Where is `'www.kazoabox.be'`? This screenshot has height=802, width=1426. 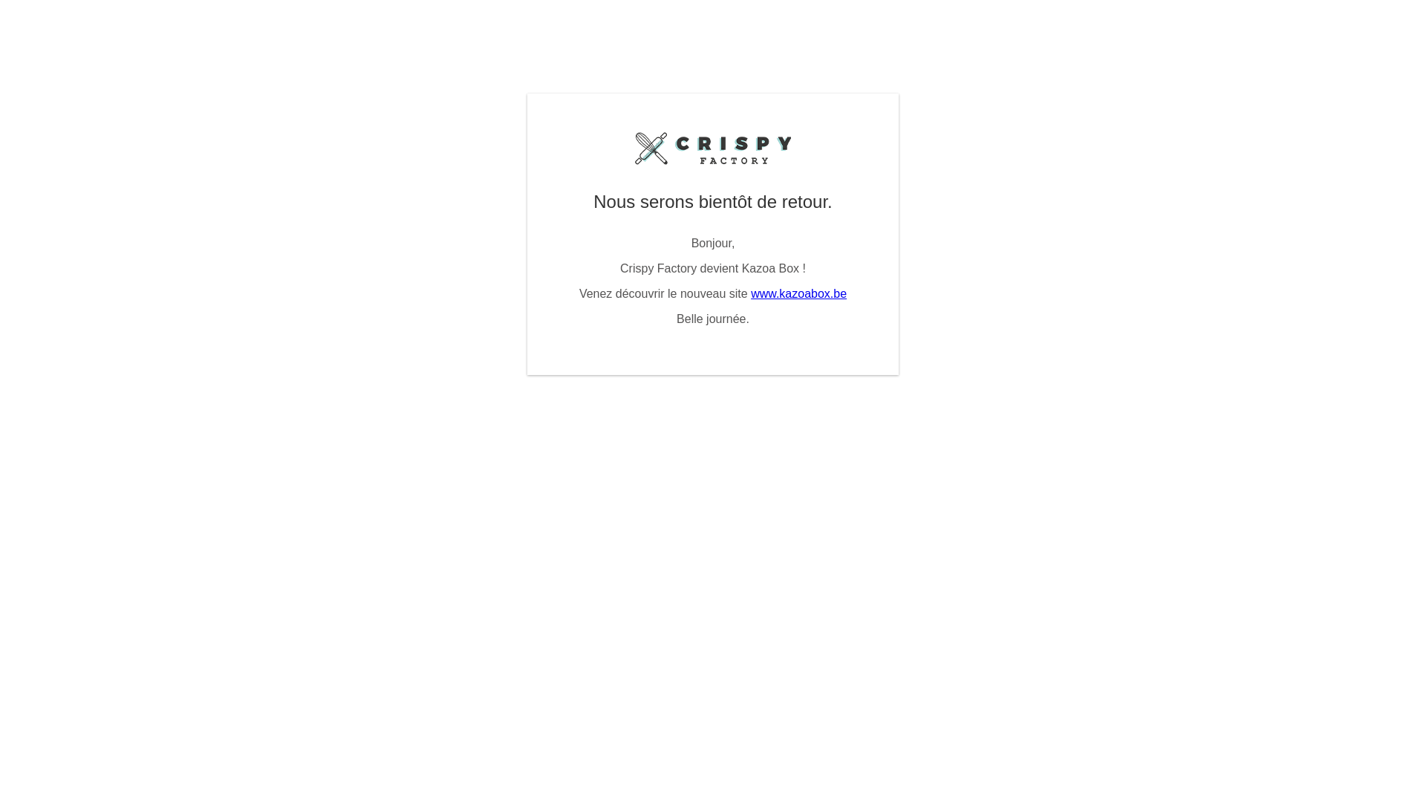
'www.kazoabox.be' is located at coordinates (798, 293).